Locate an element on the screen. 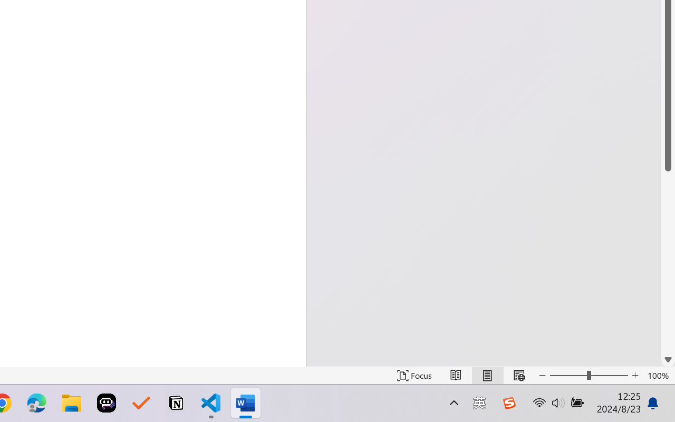  'Line down' is located at coordinates (668, 360).